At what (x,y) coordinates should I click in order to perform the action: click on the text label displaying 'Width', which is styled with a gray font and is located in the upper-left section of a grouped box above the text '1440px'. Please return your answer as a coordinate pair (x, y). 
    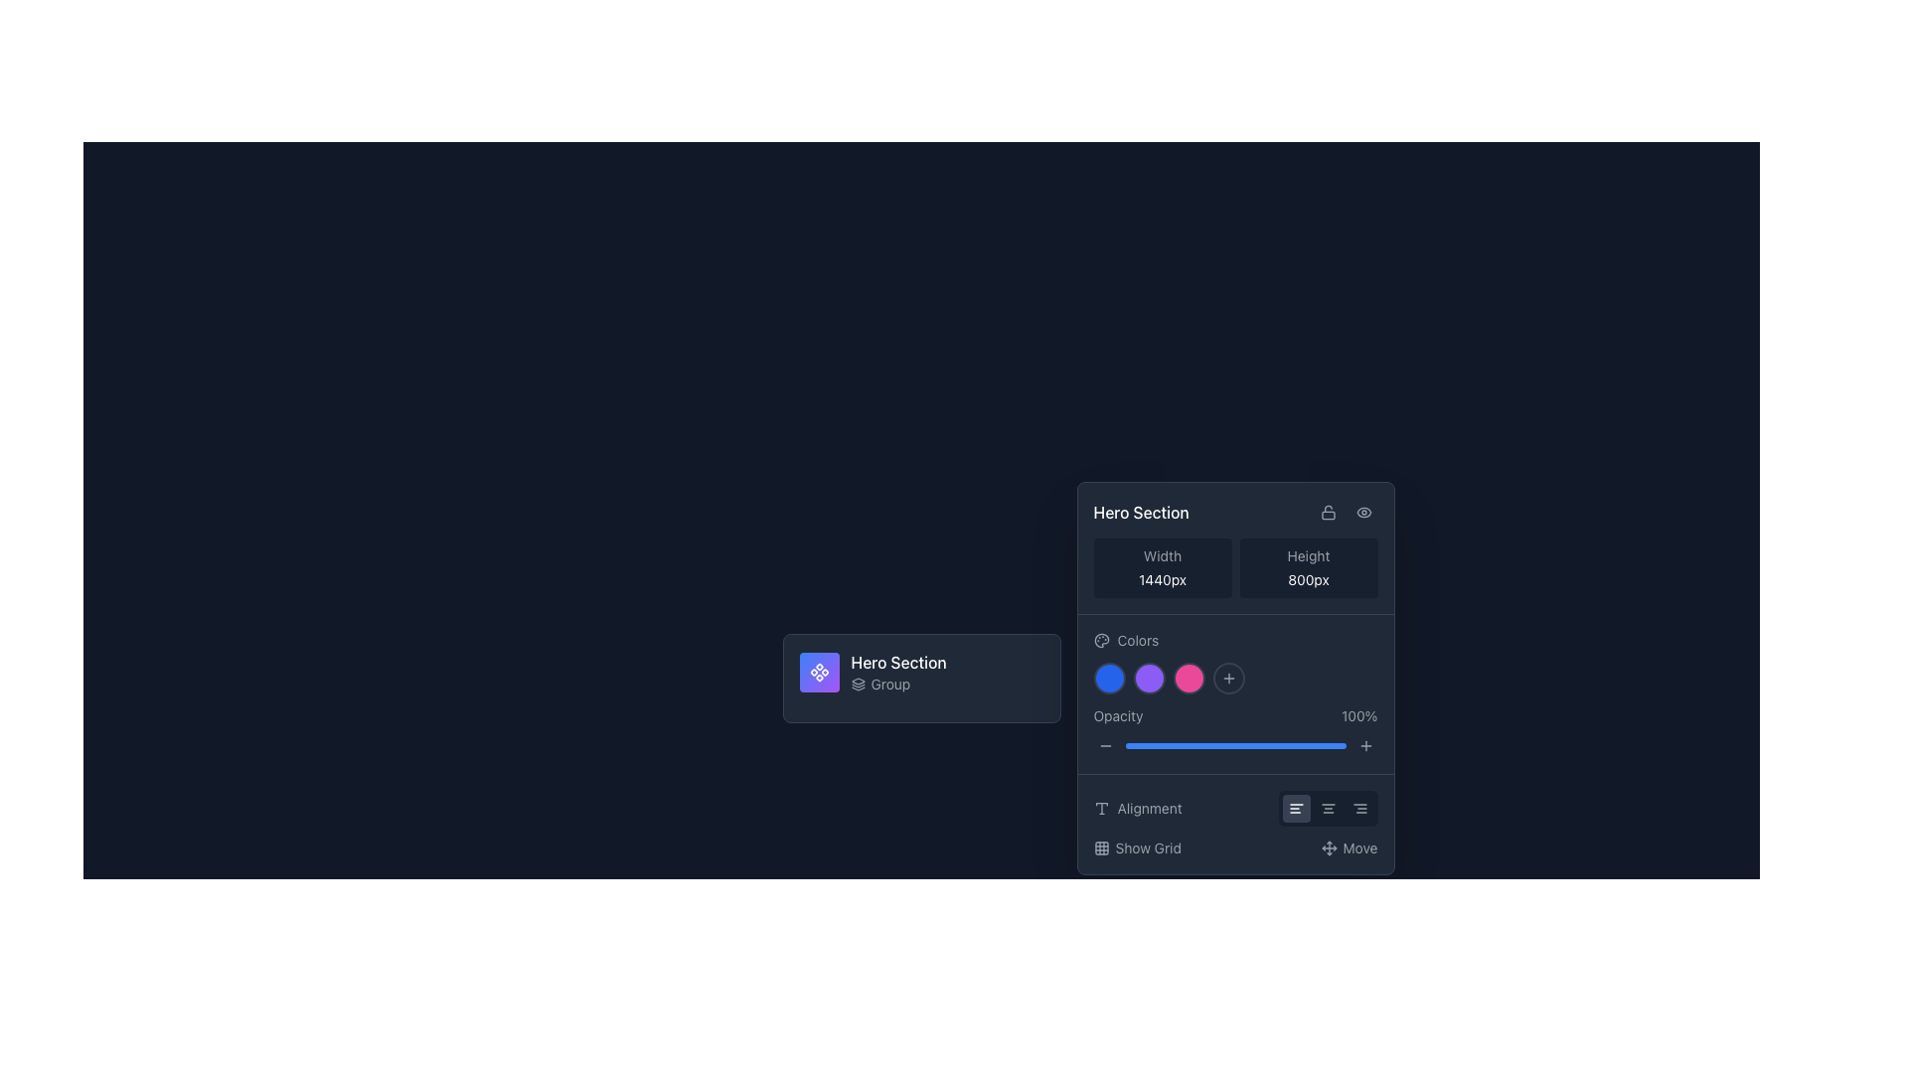
    Looking at the image, I should click on (1163, 555).